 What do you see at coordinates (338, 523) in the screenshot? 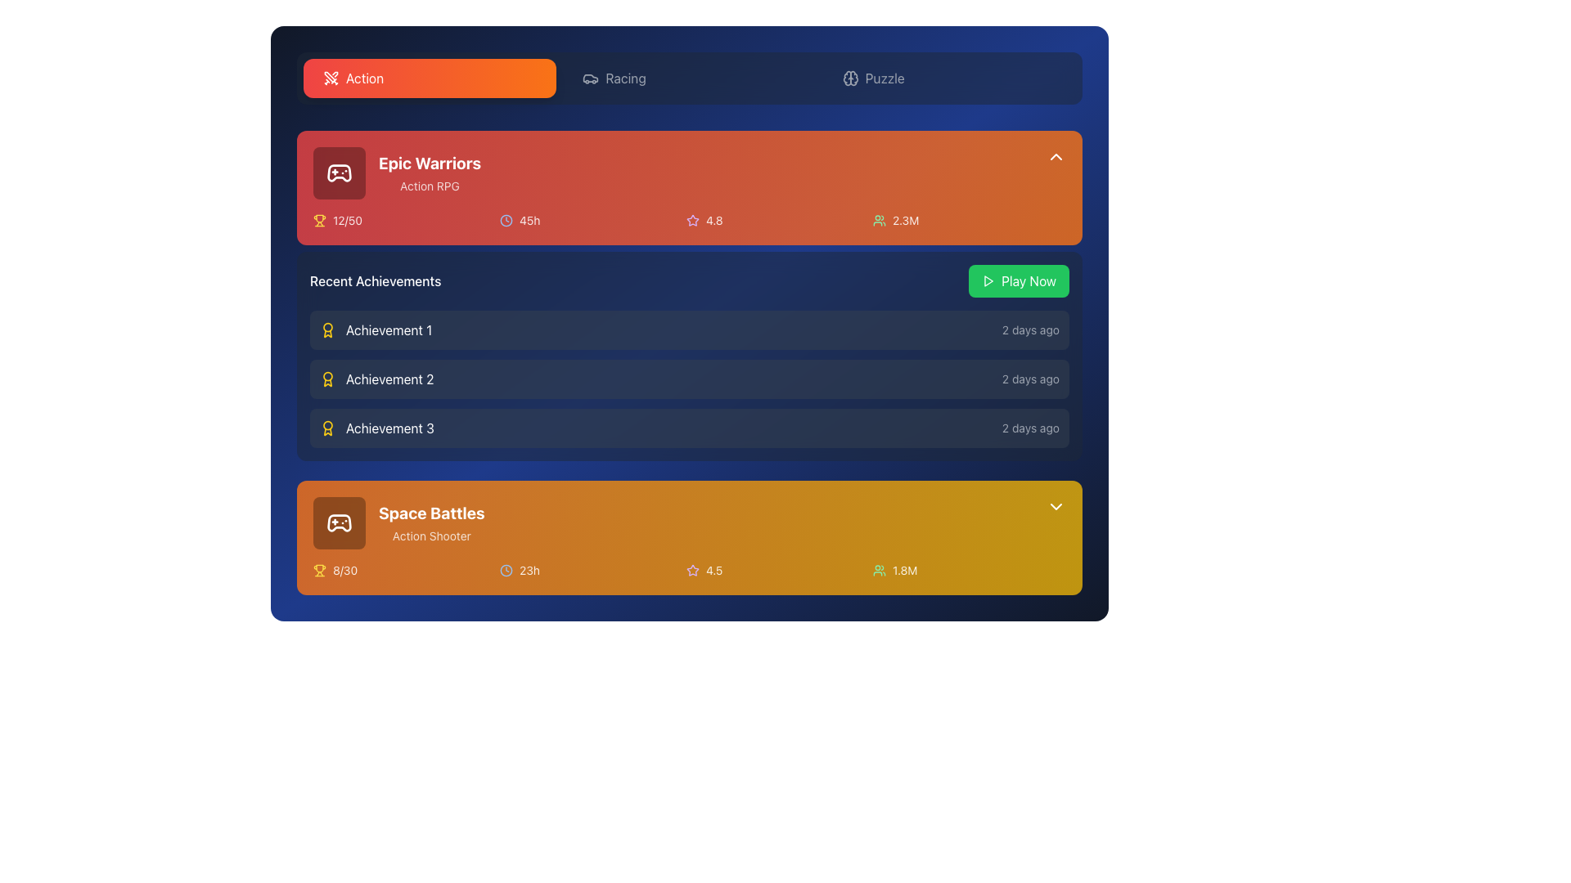
I see `the gaming controller icon with a brown color scheme and white details located in the 'Space Battles' game card near the top left corner` at bounding box center [338, 523].